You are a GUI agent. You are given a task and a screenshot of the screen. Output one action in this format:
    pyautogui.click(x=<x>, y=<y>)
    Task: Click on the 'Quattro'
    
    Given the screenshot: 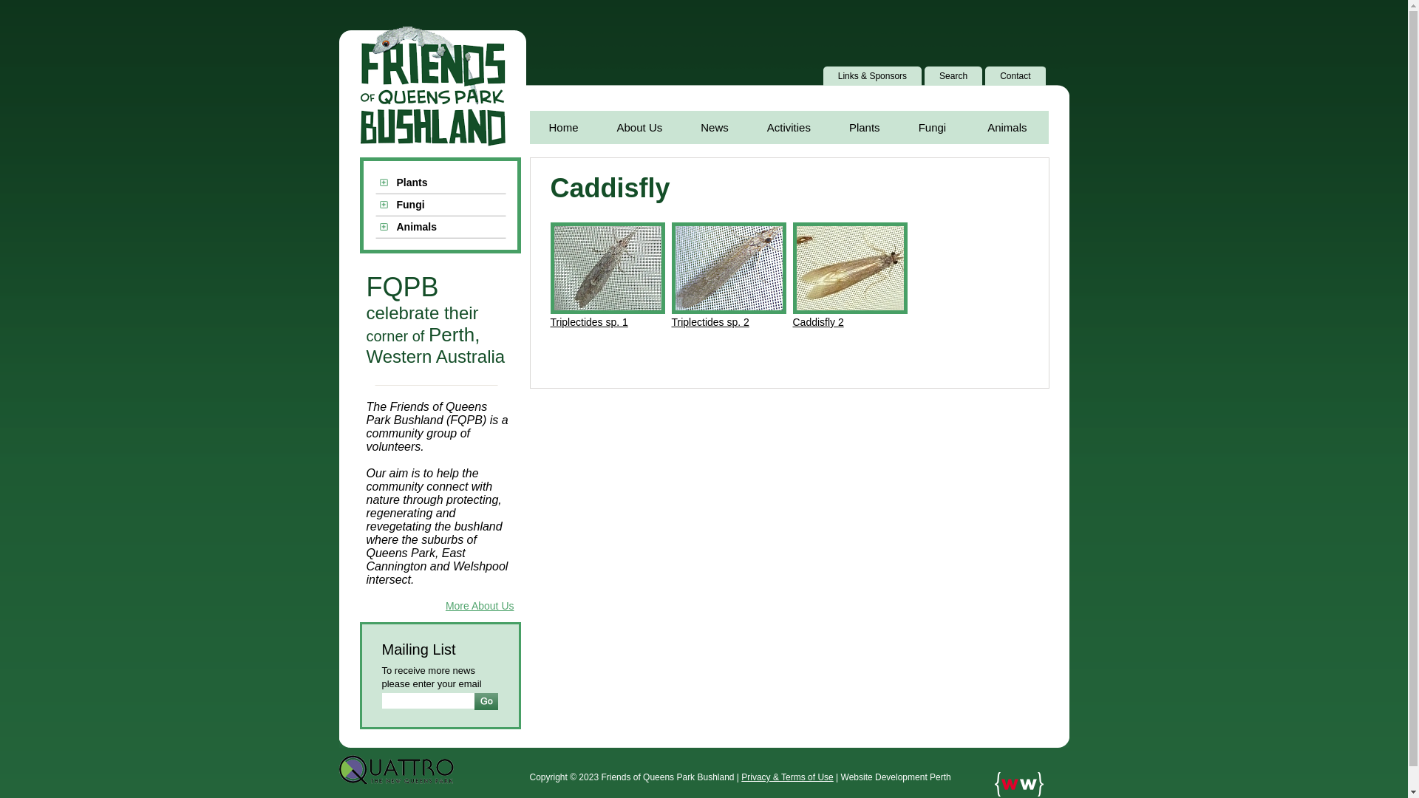 What is the action you would take?
    pyautogui.click(x=395, y=768)
    